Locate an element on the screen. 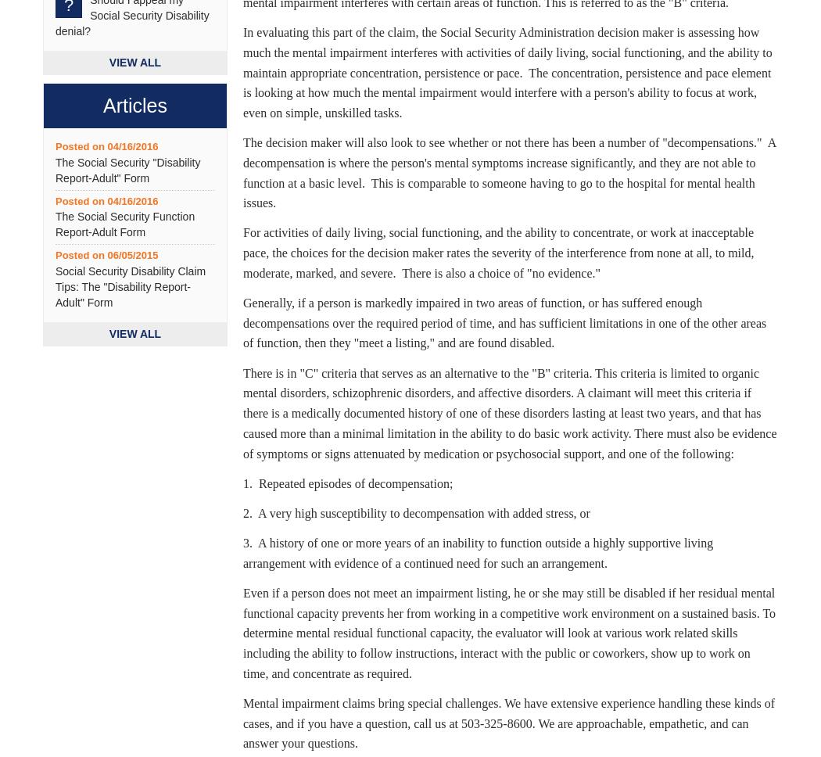 The width and height of the screenshot is (821, 757). 'The Social Security "Disability Report-Adult" Form' is located at coordinates (127, 169).